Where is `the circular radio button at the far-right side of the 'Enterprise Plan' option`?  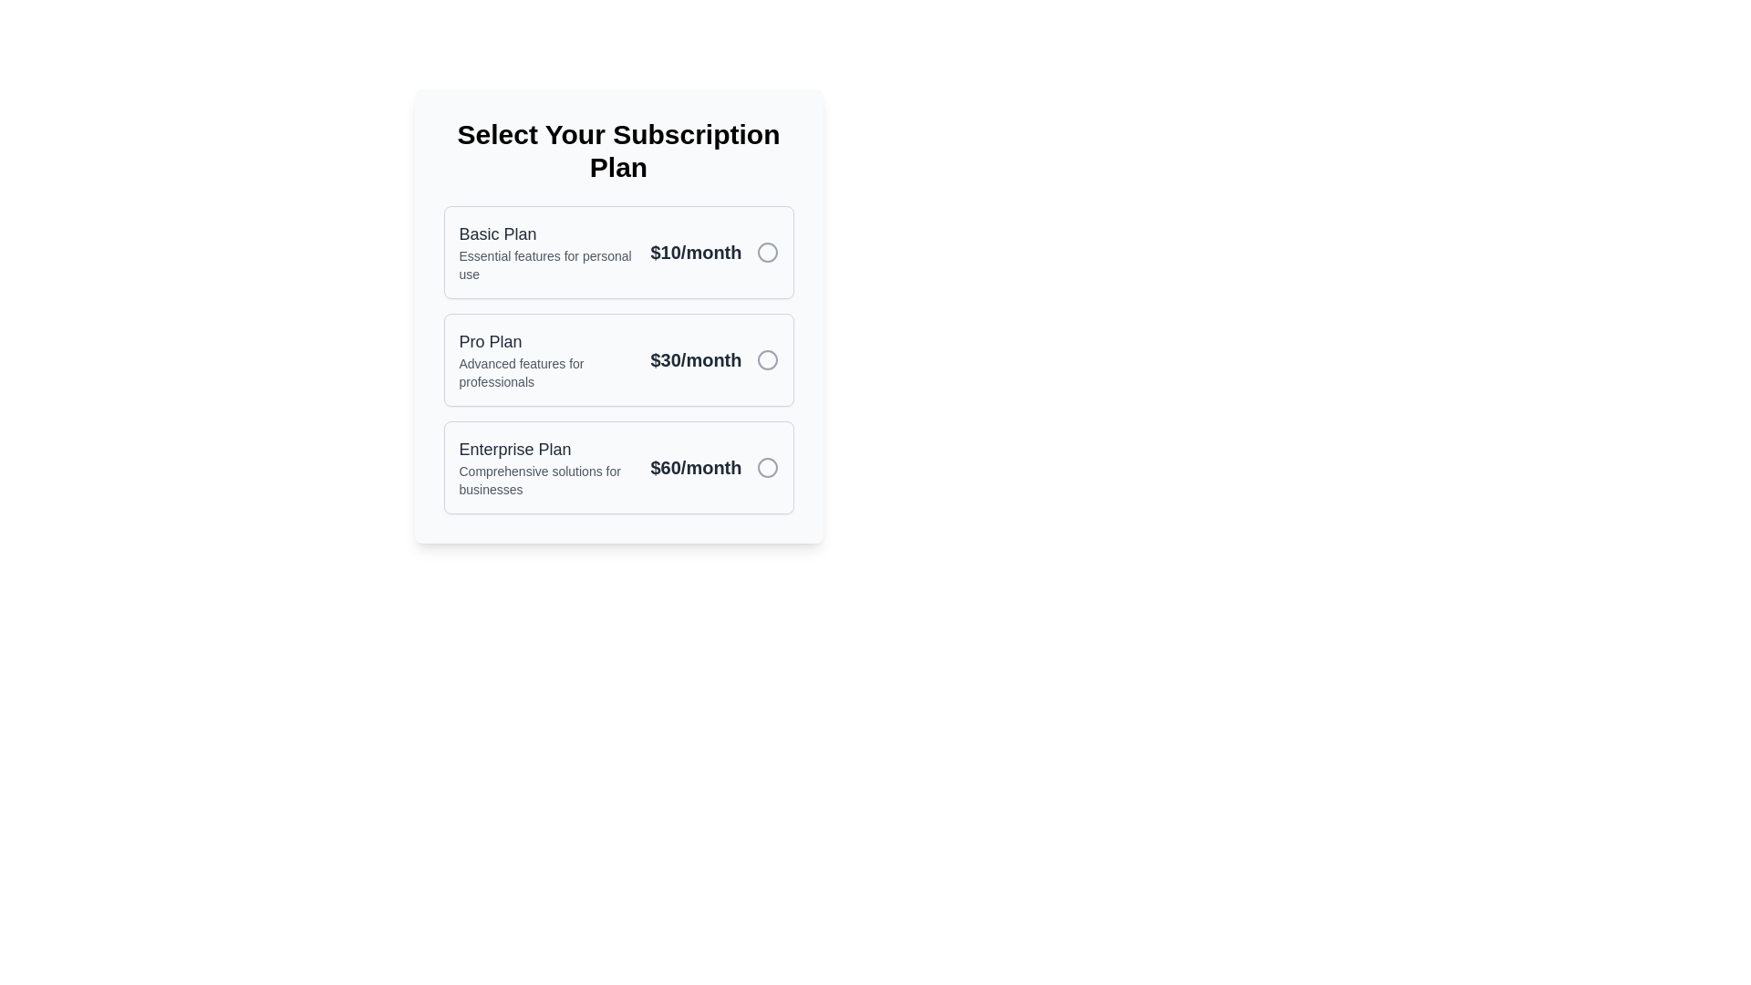
the circular radio button at the far-right side of the 'Enterprise Plan' option is located at coordinates (767, 467).